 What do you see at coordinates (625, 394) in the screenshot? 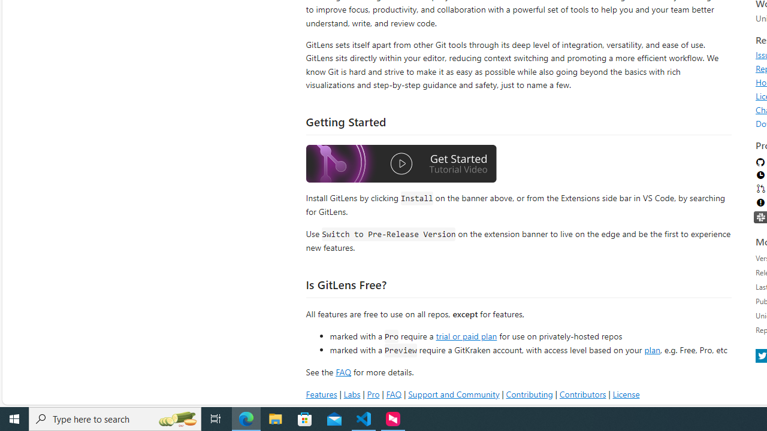
I see `'License'` at bounding box center [625, 394].